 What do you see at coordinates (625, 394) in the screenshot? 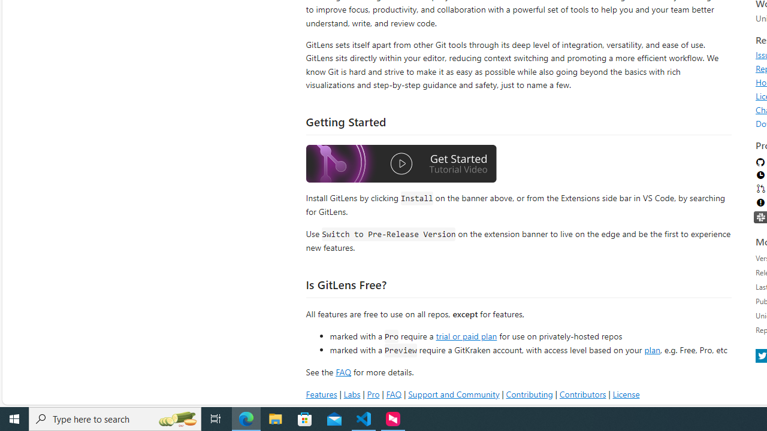
I see `'License'` at bounding box center [625, 394].